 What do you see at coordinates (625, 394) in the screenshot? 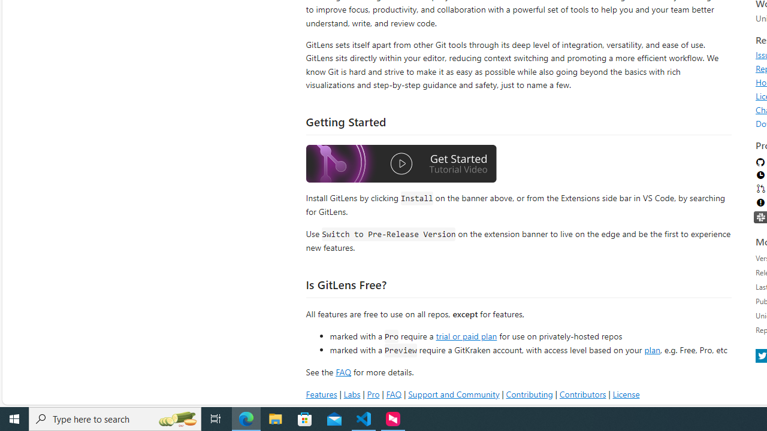
I see `'License'` at bounding box center [625, 394].